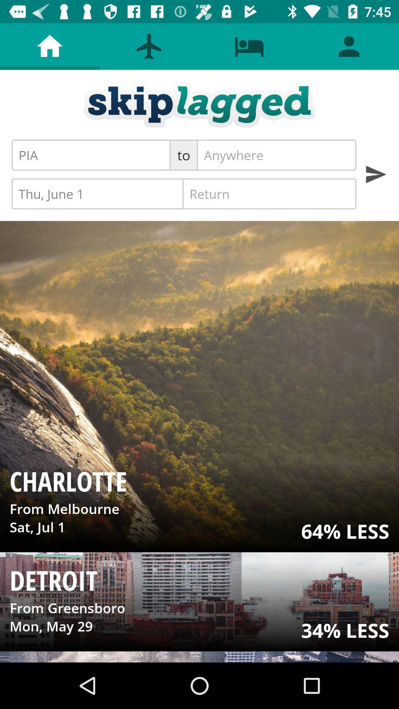  I want to click on the item next to the to icon, so click(276, 155).